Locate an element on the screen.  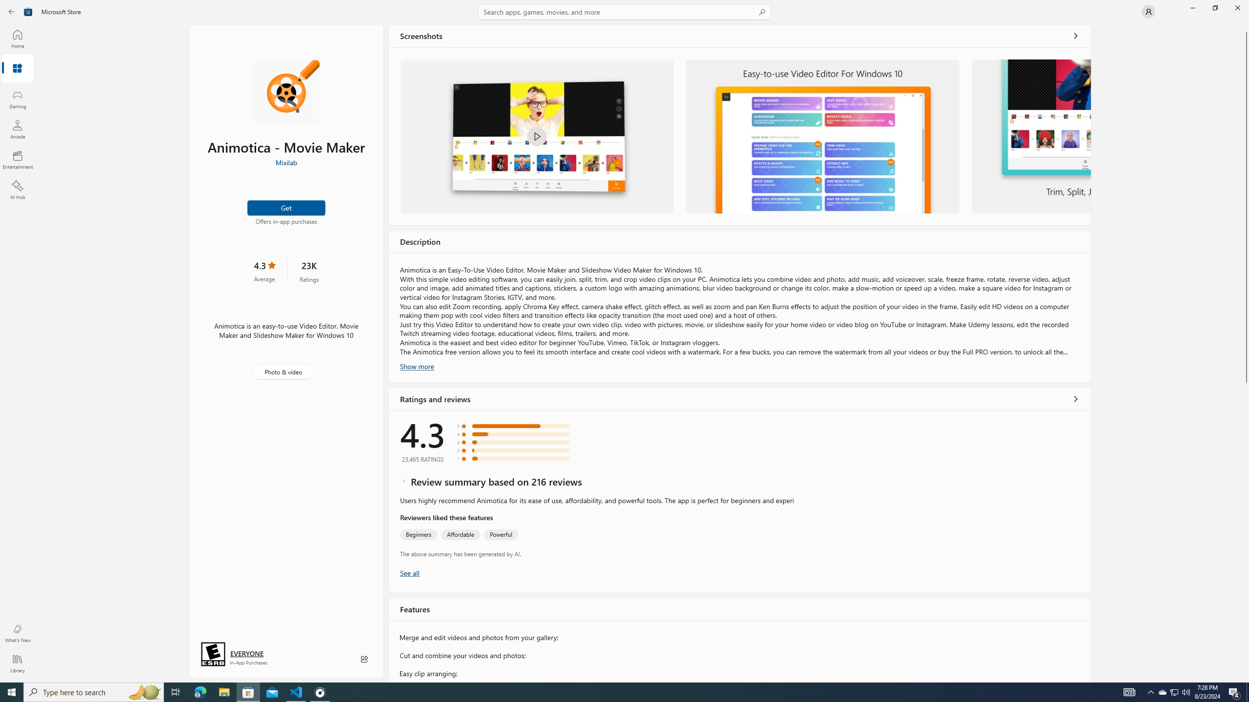
'Home' is located at coordinates (17, 38).